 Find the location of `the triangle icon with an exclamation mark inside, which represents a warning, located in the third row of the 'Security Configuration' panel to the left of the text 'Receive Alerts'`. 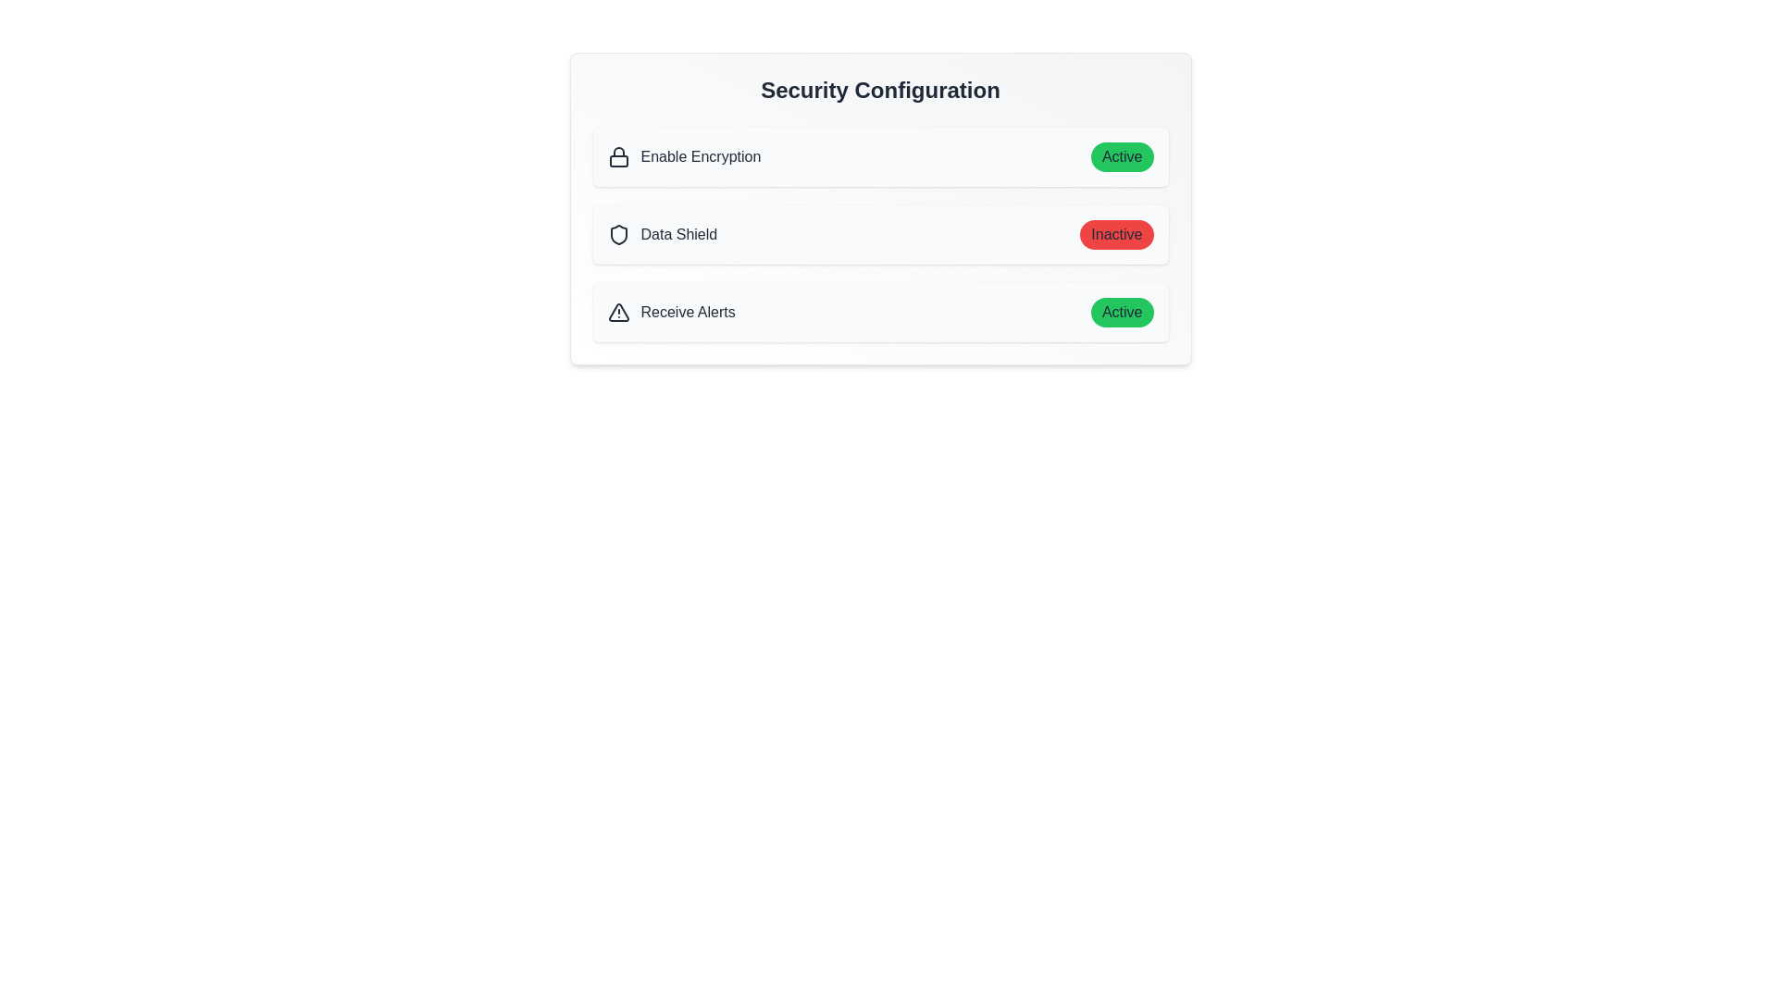

the triangle icon with an exclamation mark inside, which represents a warning, located in the third row of the 'Security Configuration' panel to the left of the text 'Receive Alerts' is located at coordinates (618, 312).